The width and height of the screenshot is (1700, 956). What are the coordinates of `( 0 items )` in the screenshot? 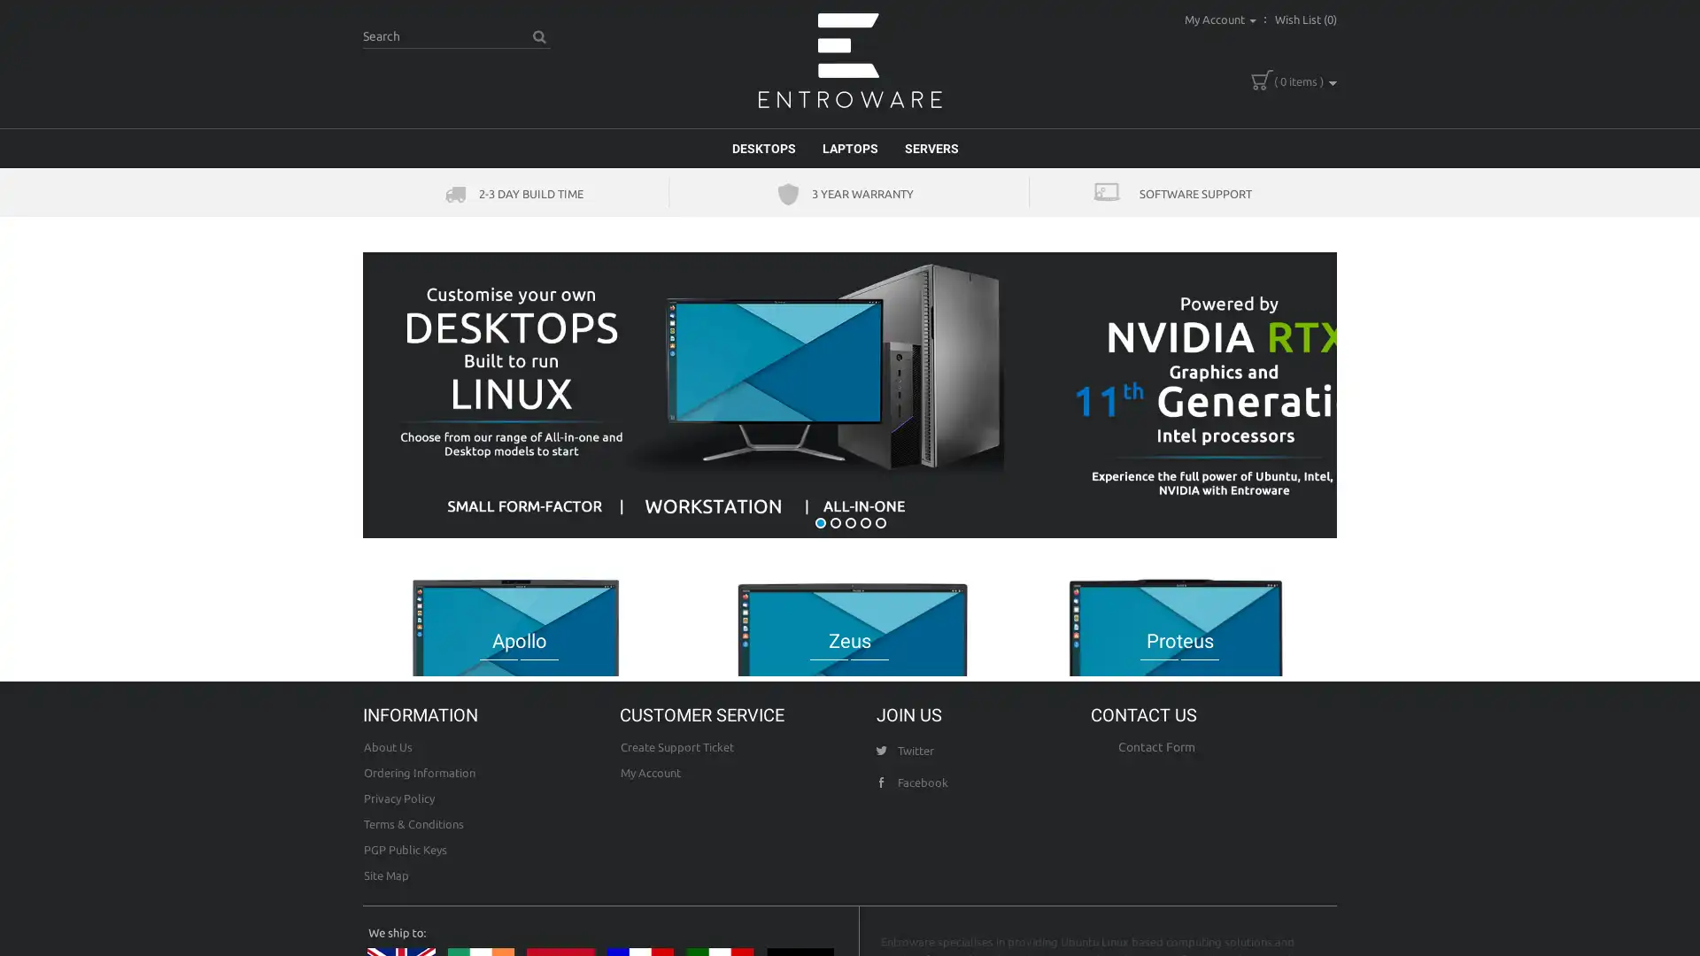 It's located at (1294, 81).